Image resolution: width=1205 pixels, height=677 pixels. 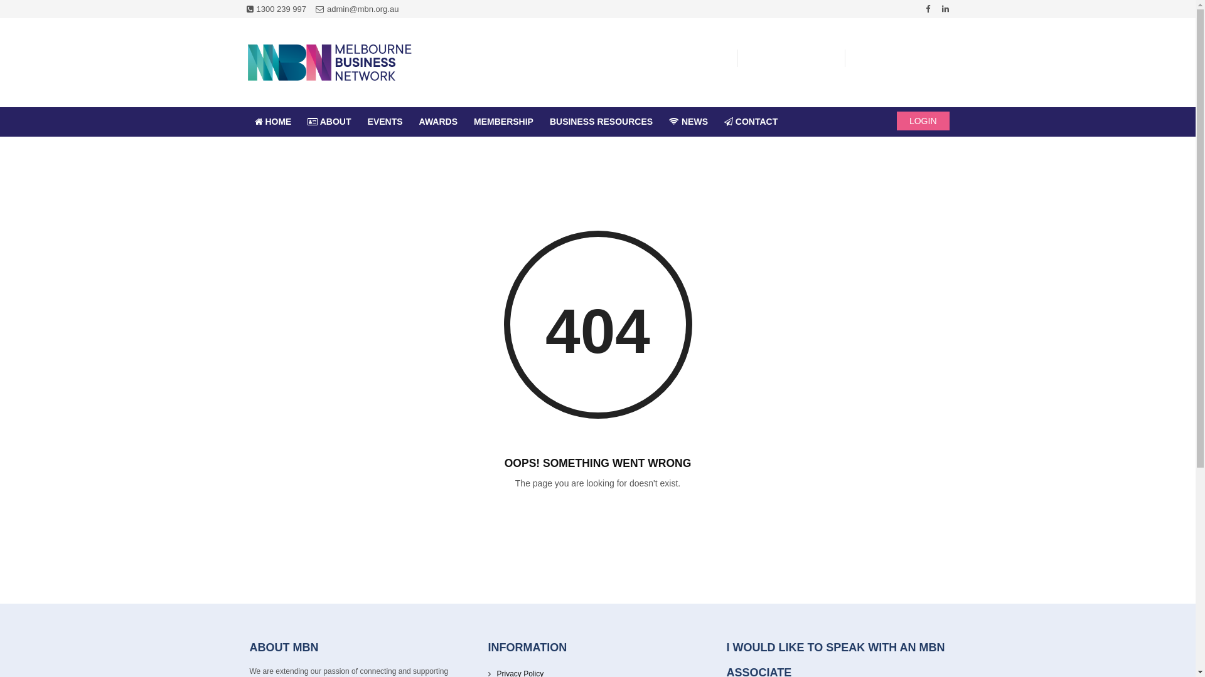 What do you see at coordinates (438, 122) in the screenshot?
I see `'AWARDS'` at bounding box center [438, 122].